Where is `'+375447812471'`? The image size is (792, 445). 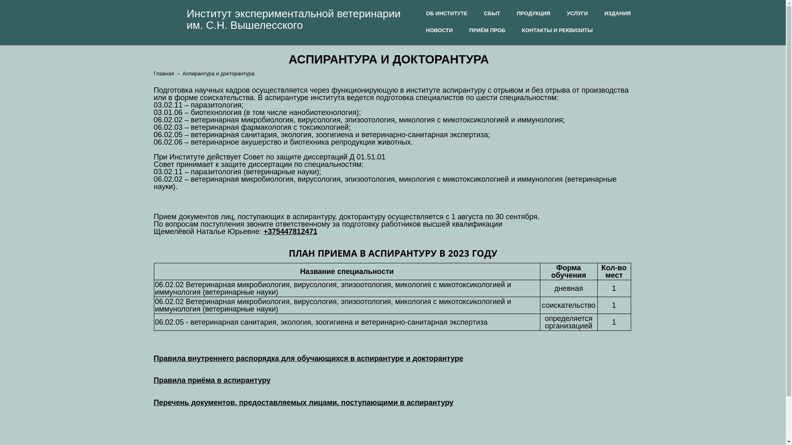
'+375447812471' is located at coordinates (263, 232).